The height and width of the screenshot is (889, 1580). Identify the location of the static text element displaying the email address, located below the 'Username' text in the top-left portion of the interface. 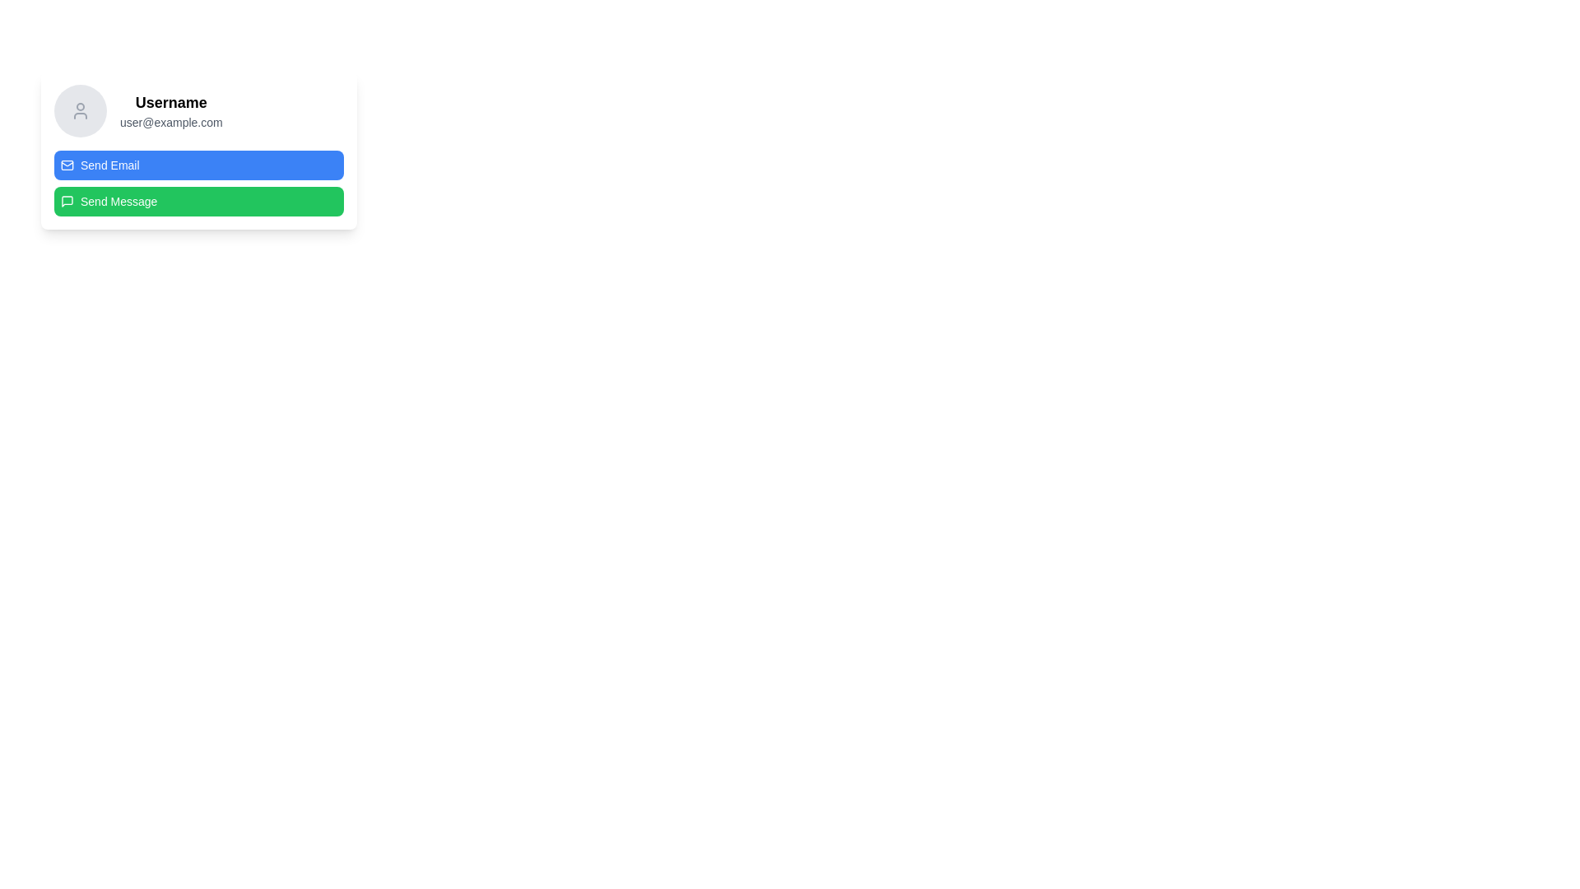
(171, 122).